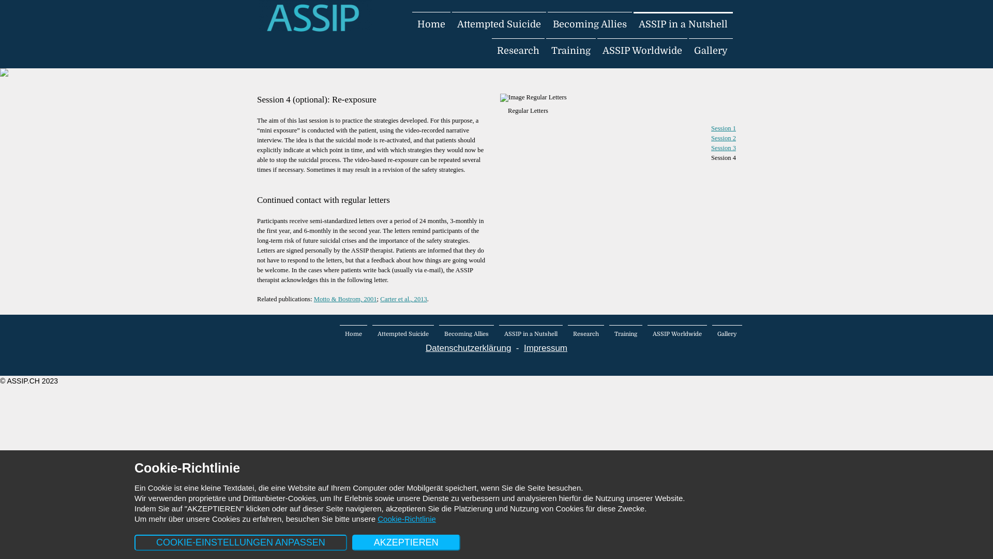  I want to click on 'COOKIE-EINSTELLUNGEN ANPASSEN', so click(240, 542).